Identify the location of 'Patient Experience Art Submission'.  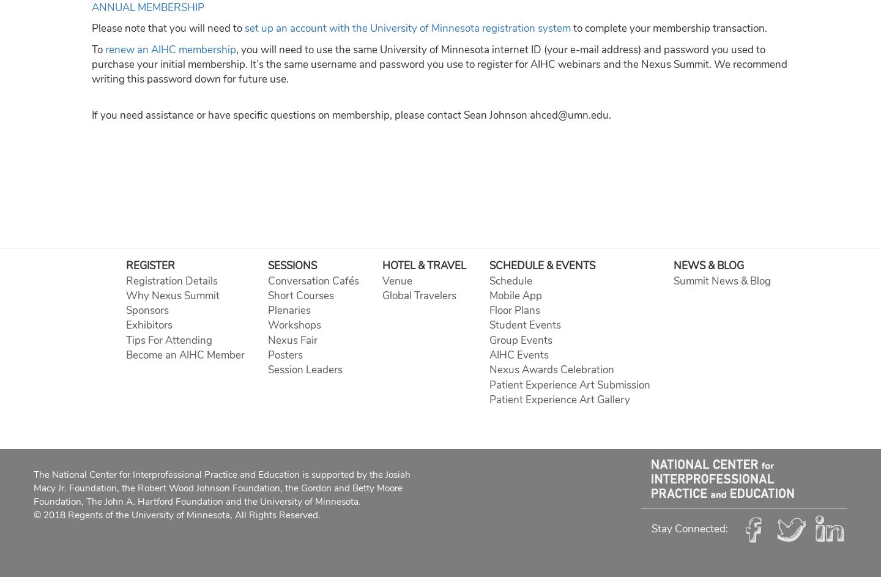
(569, 384).